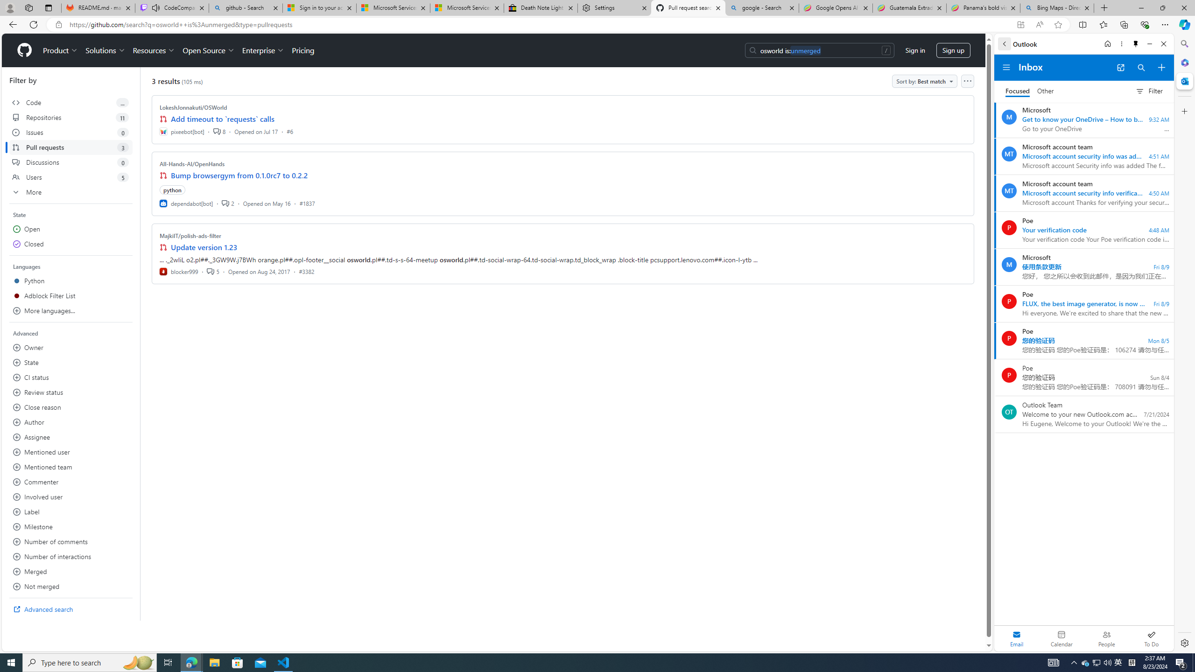 Image resolution: width=1195 pixels, height=672 pixels. I want to click on 'LokeshJonnakuti/OSWorld', so click(193, 107).